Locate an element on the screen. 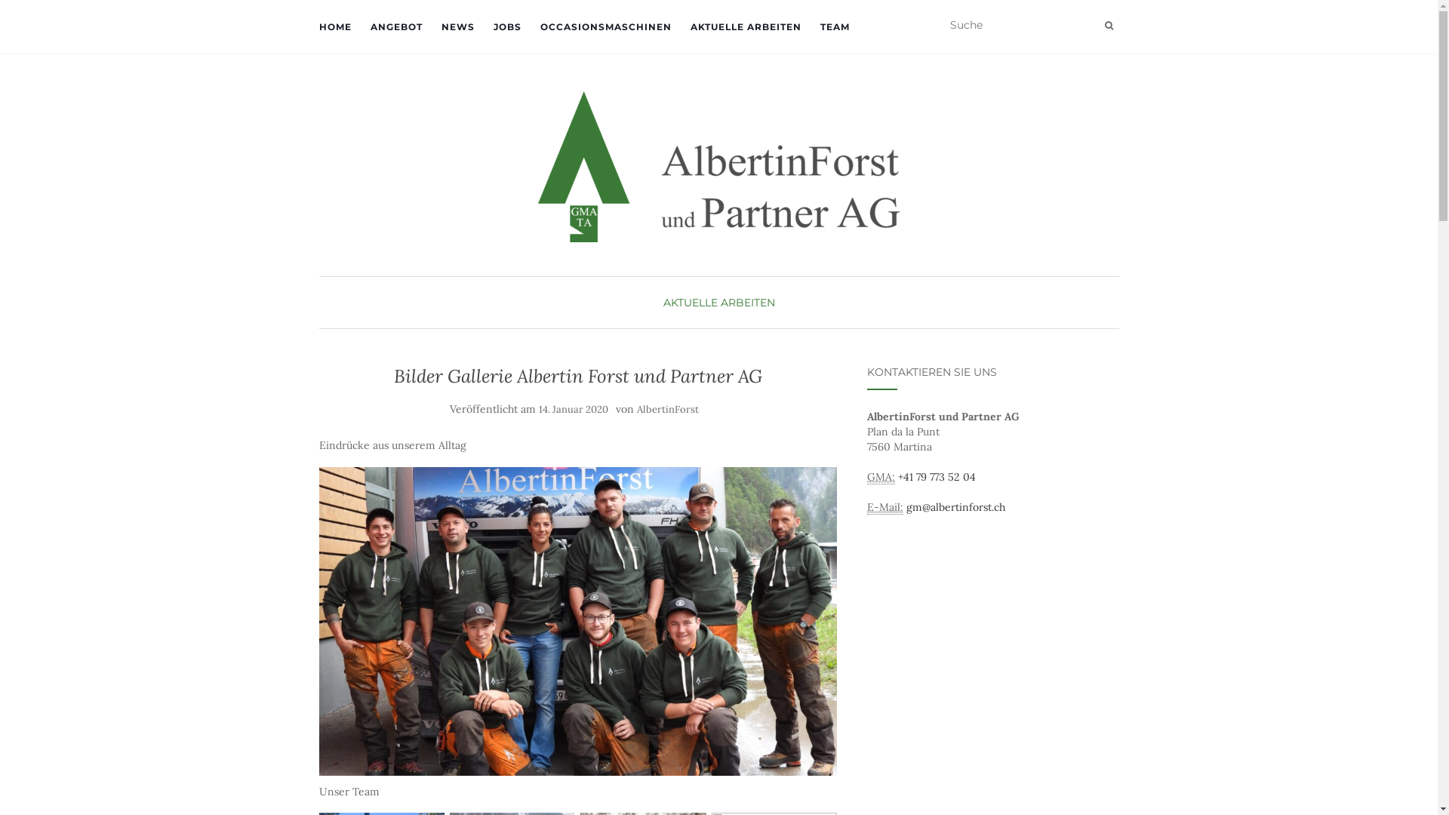 The height and width of the screenshot is (815, 1449). 'AlbertinForst' is located at coordinates (666, 409).